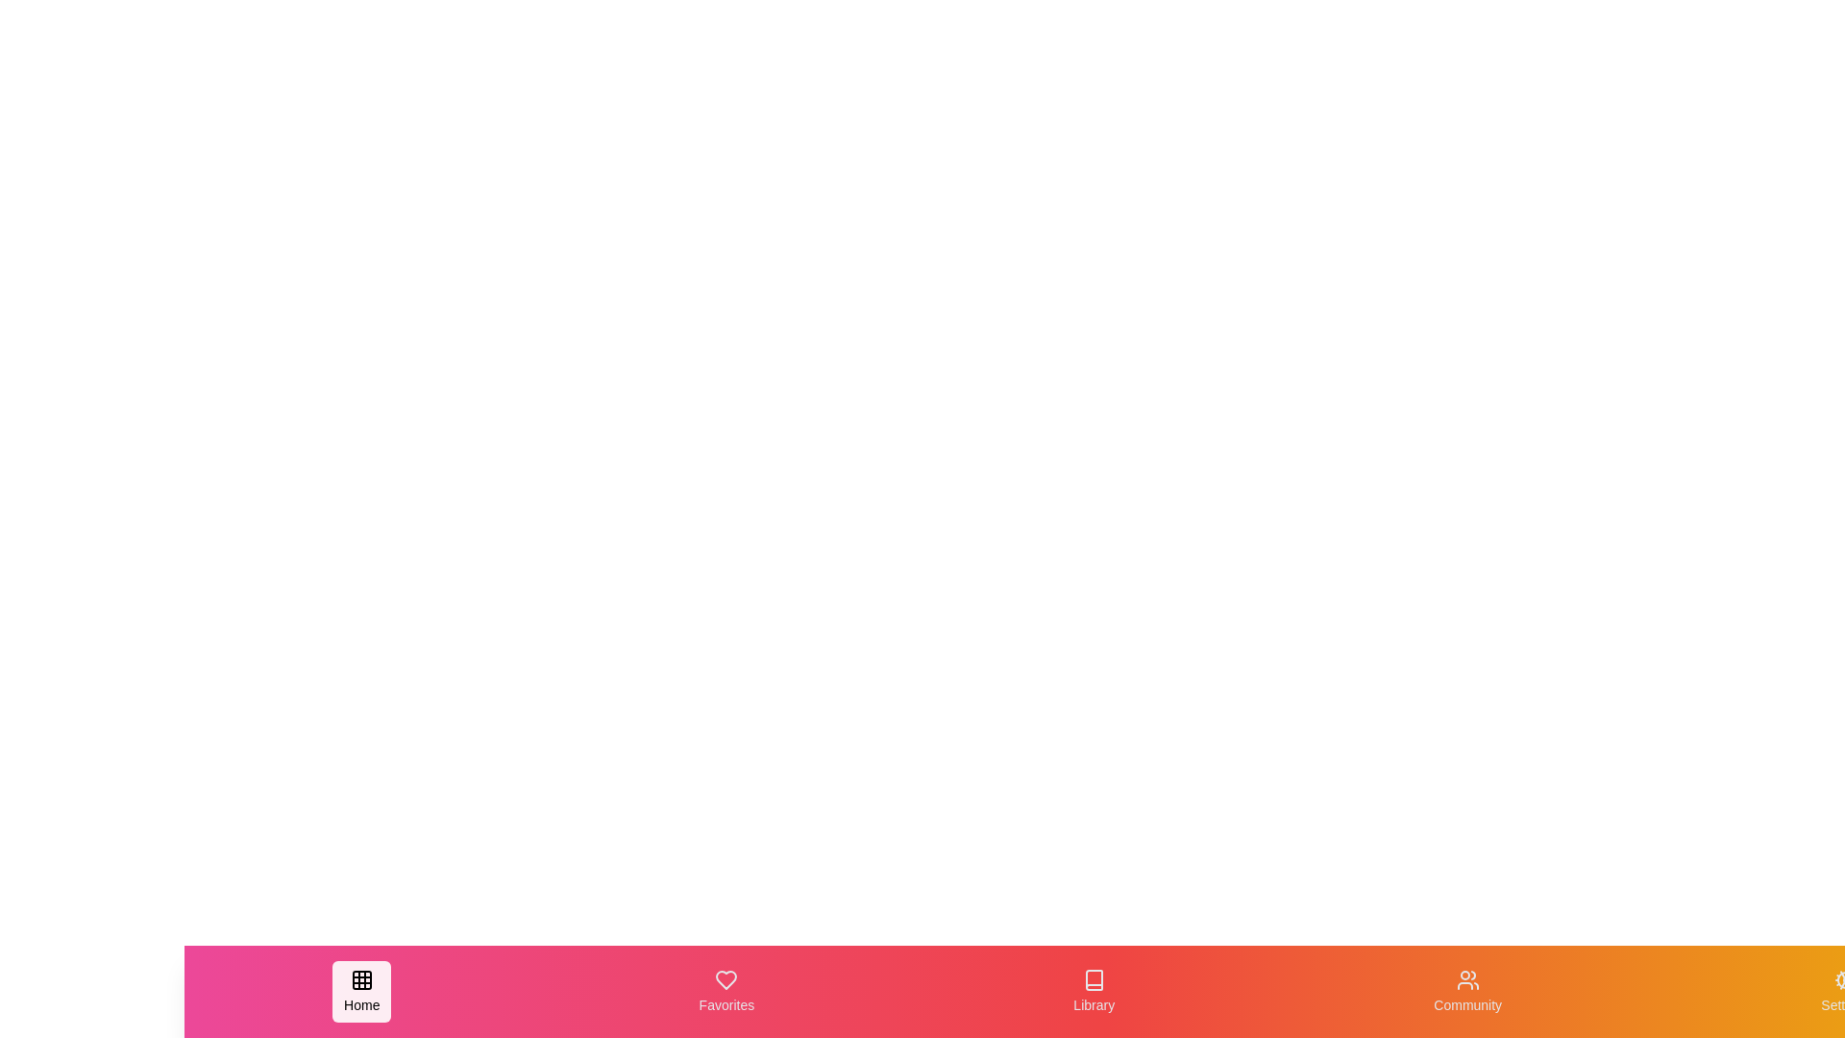  Describe the element at coordinates (361, 992) in the screenshot. I see `the navigation item Home` at that location.